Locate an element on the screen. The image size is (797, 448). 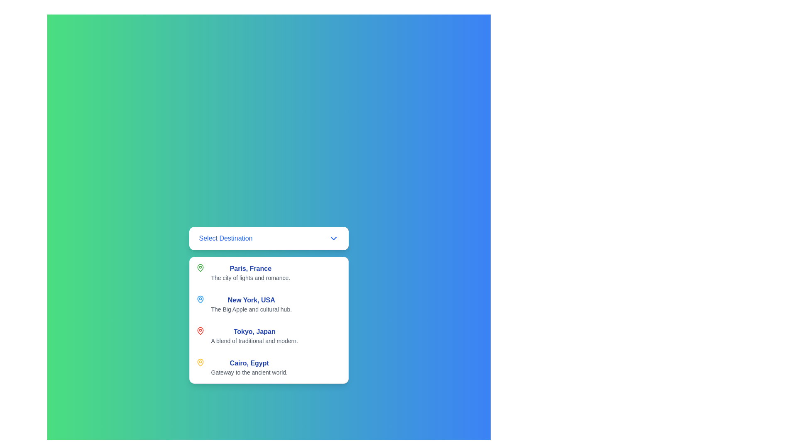
the list item featuring a bold blue location name and a gray description, which is the last item in the dropdown menu under 'Tokyo, Japan' is located at coordinates (269, 367).